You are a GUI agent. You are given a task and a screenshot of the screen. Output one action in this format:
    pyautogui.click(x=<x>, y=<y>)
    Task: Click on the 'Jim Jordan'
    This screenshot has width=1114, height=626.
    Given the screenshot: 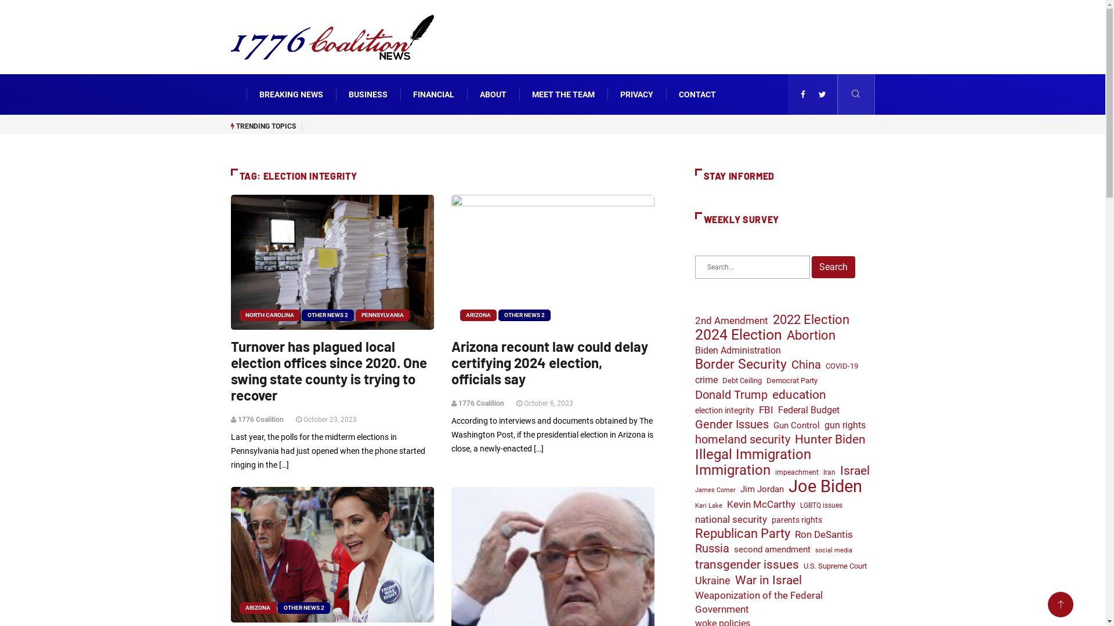 What is the action you would take?
    pyautogui.click(x=740, y=489)
    